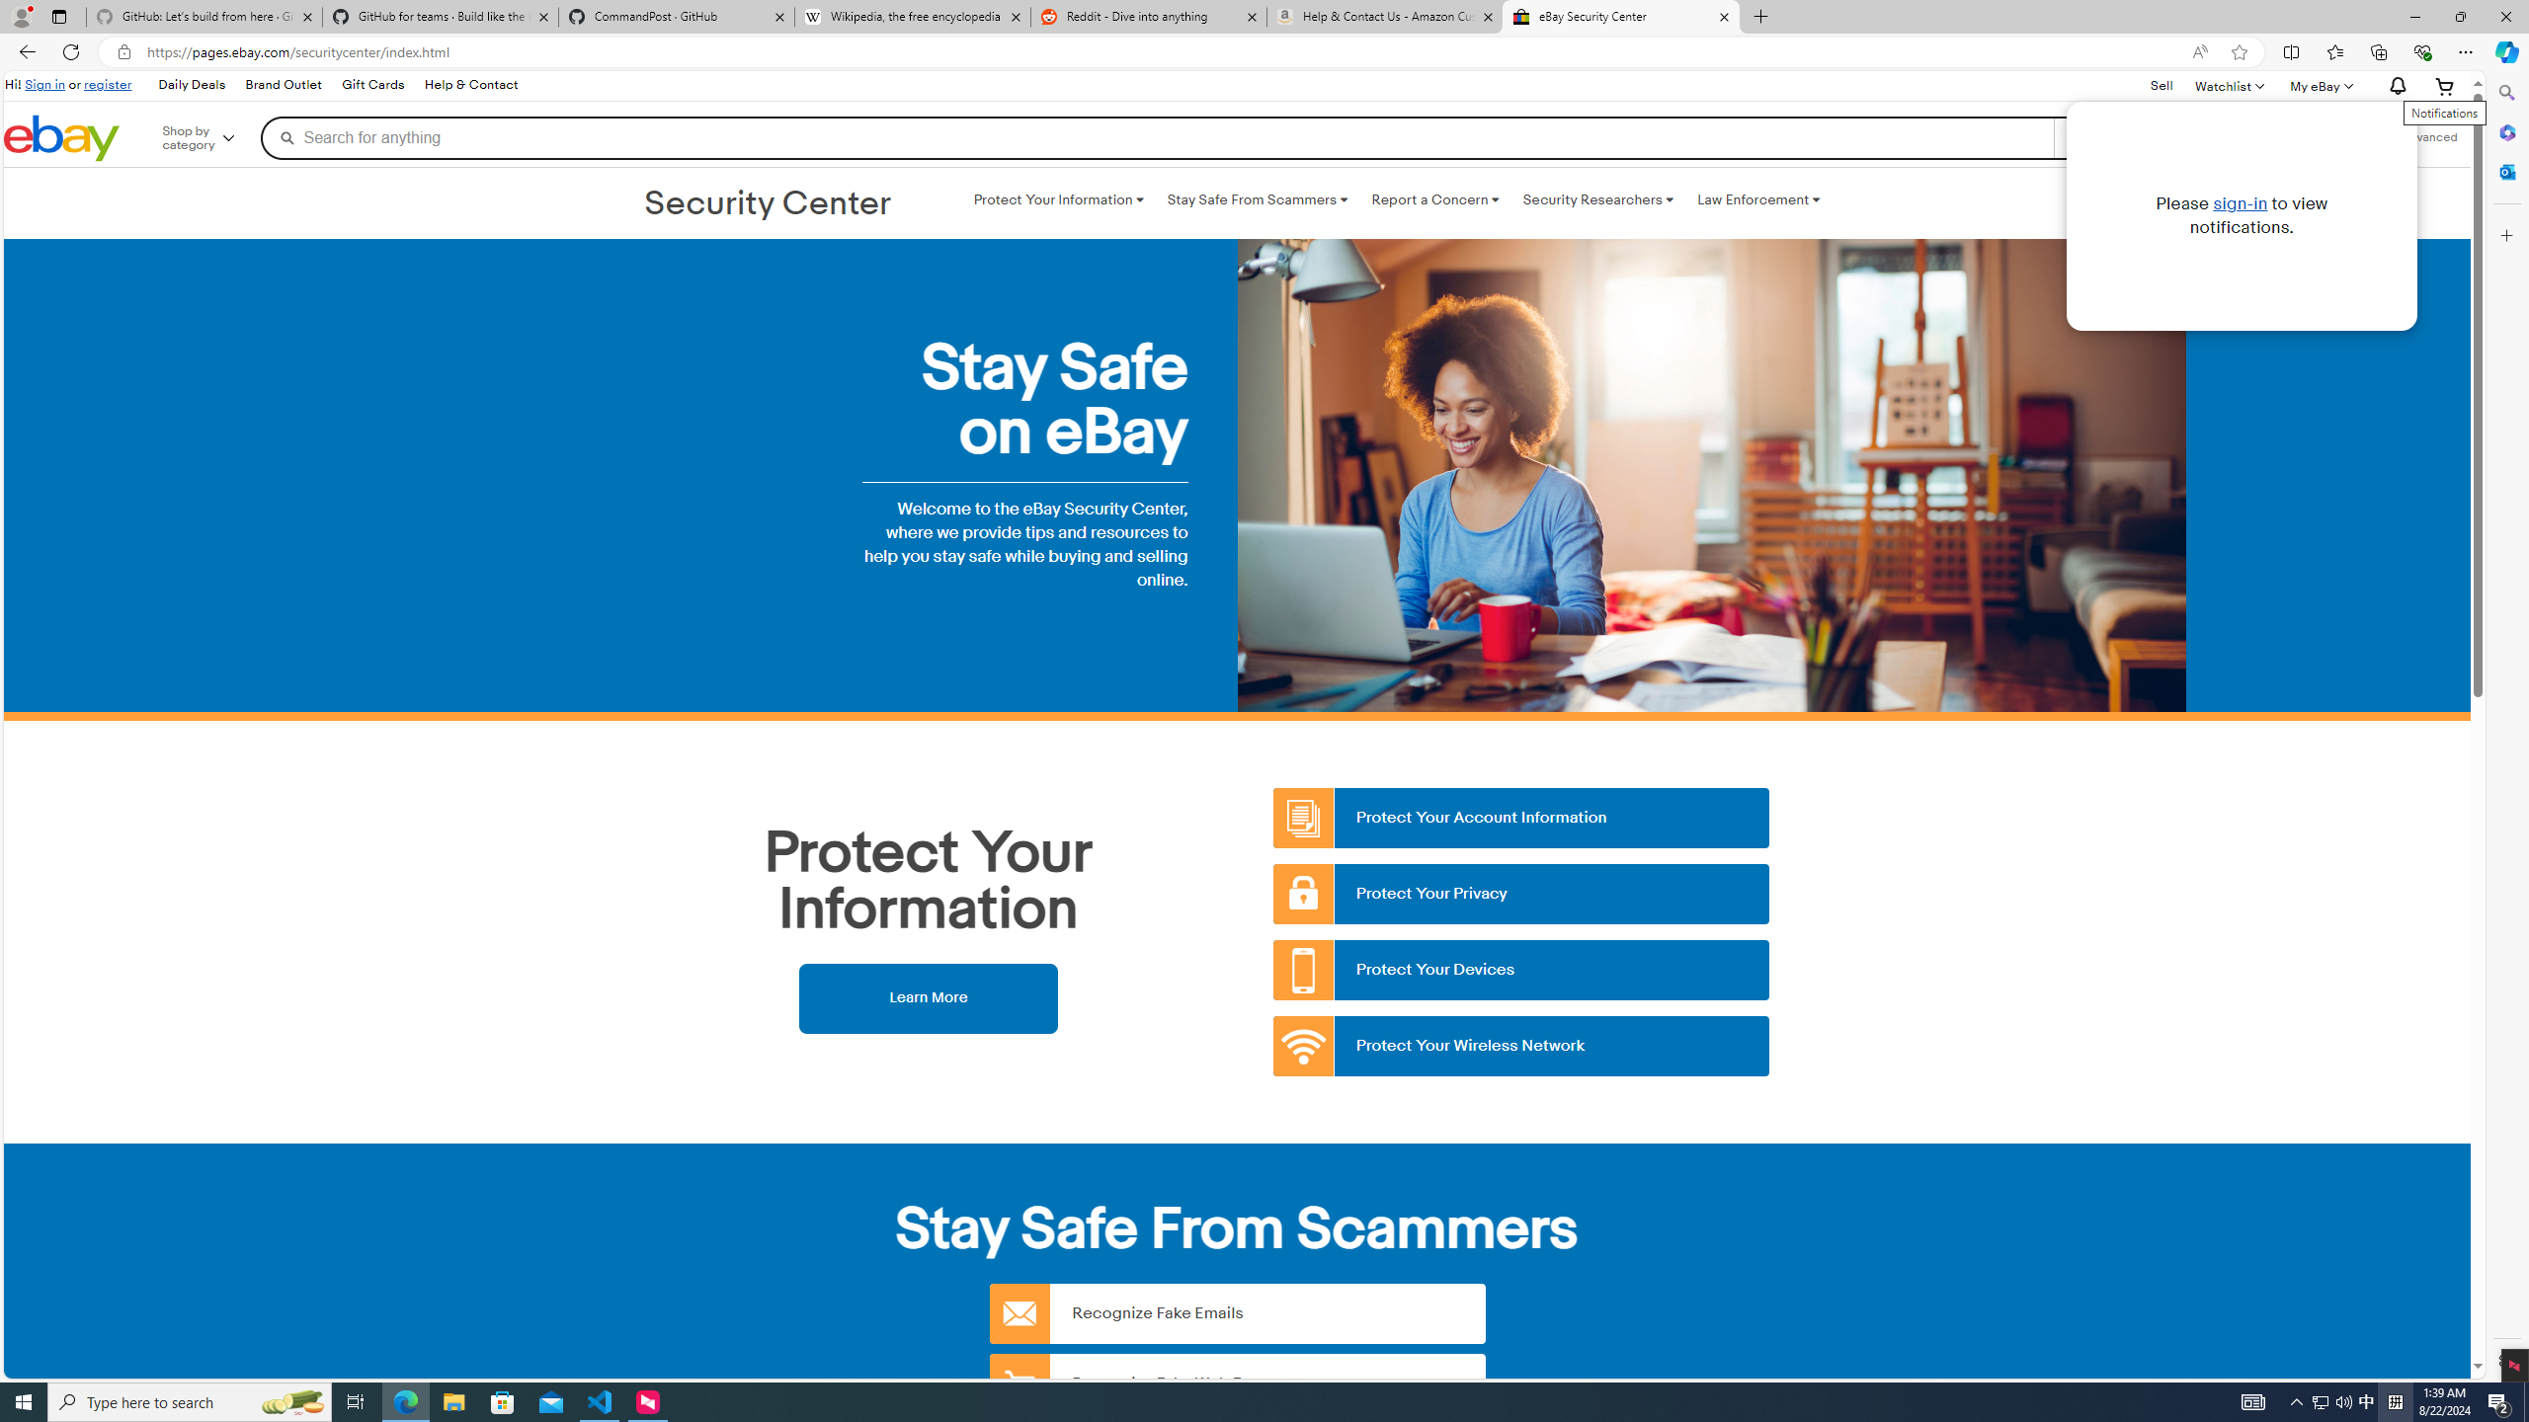 The height and width of the screenshot is (1422, 2529). I want to click on 'Reddit - Dive into anything', so click(1147, 16).